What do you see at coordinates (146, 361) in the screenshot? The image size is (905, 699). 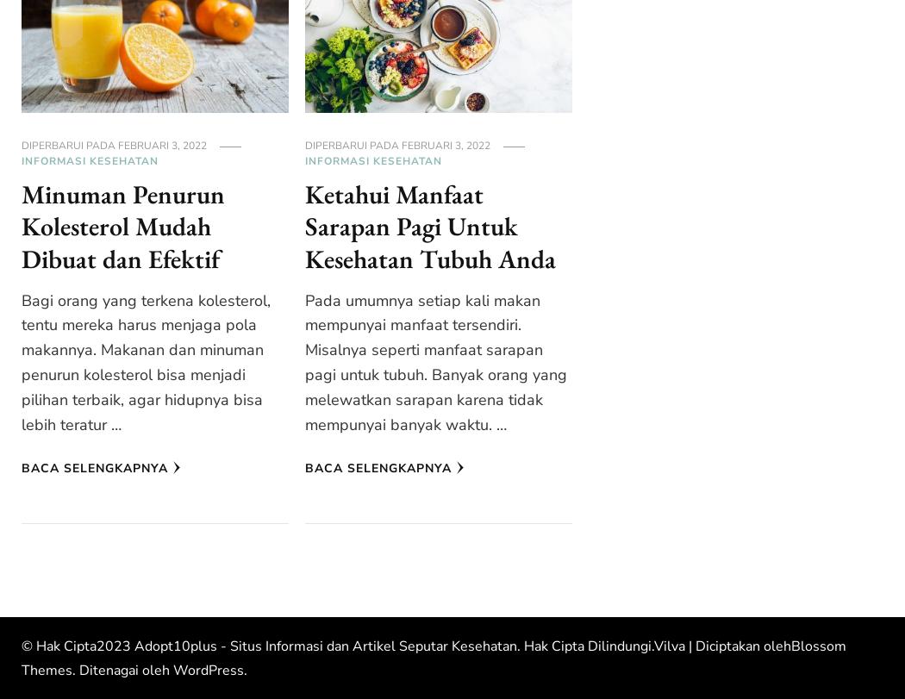 I see `'Bagi orang yang terkena kolesterol, tentu mereka harus menjaga pola makannya. Makanan dan minuman penurun kolesterol bisa menjadi pilihan terbaik, agar hidupnya bisa lebih teratur …'` at bounding box center [146, 361].